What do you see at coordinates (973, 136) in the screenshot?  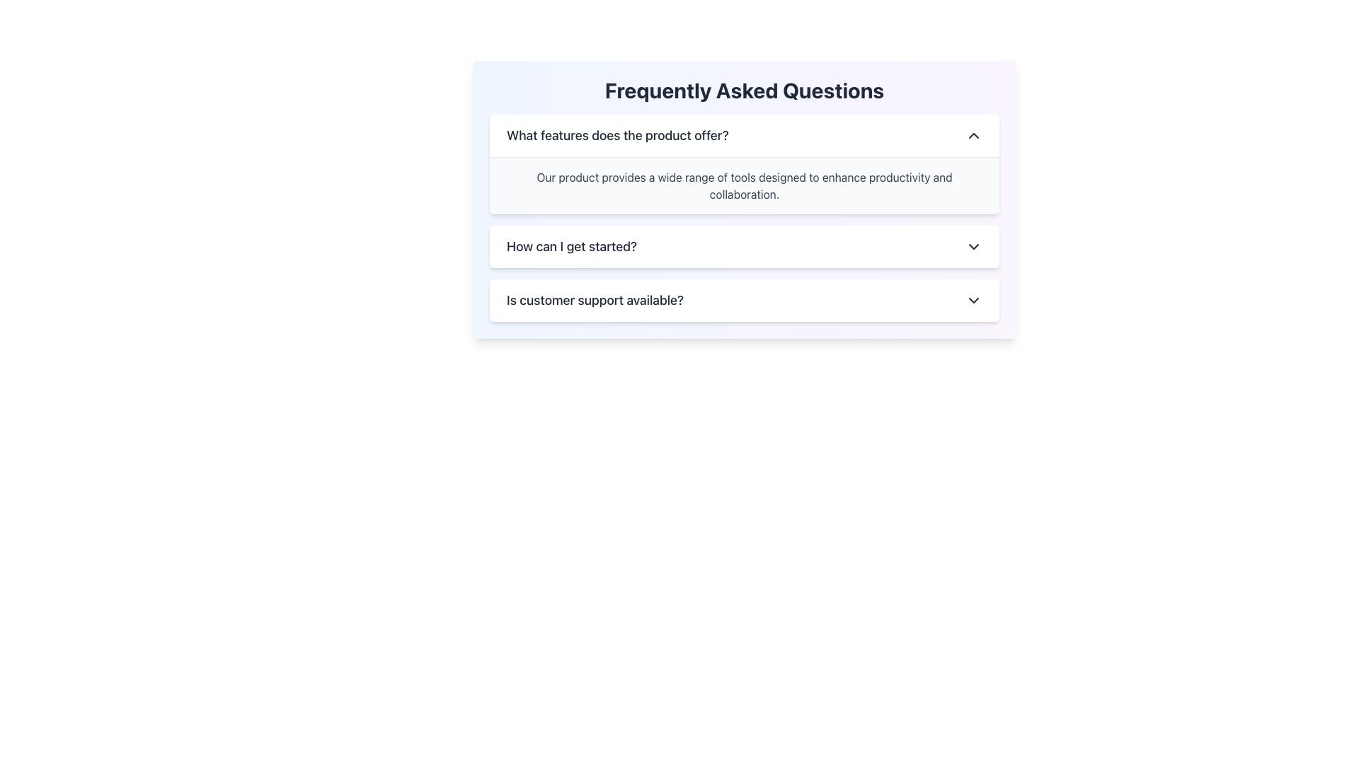 I see `the upward-pointing chevron icon located to the right of the question 'What features does the product offer?'` at bounding box center [973, 136].